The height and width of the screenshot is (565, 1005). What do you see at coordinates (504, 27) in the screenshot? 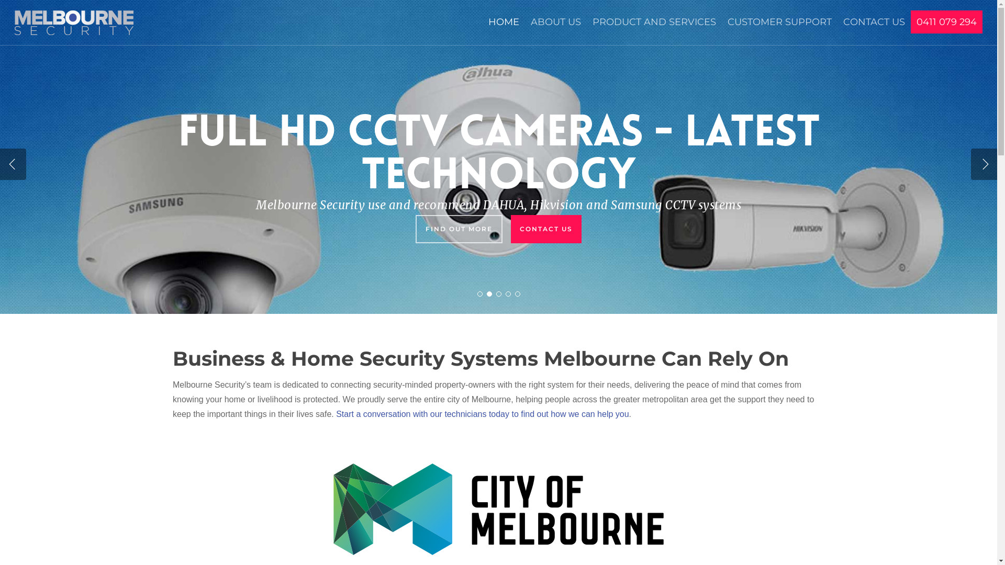
I see `'HOME'` at bounding box center [504, 27].